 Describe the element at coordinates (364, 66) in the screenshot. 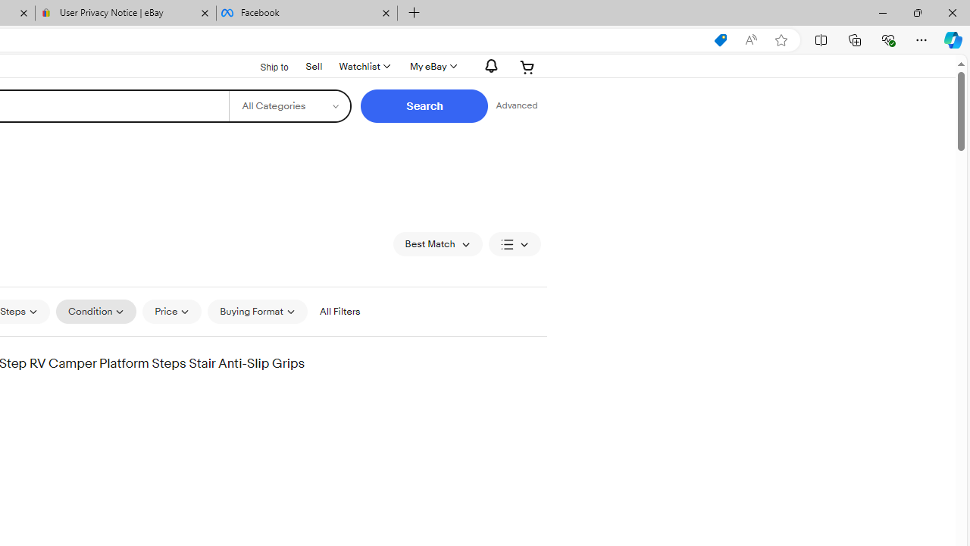

I see `'WatchlistExpand Watch List'` at that location.